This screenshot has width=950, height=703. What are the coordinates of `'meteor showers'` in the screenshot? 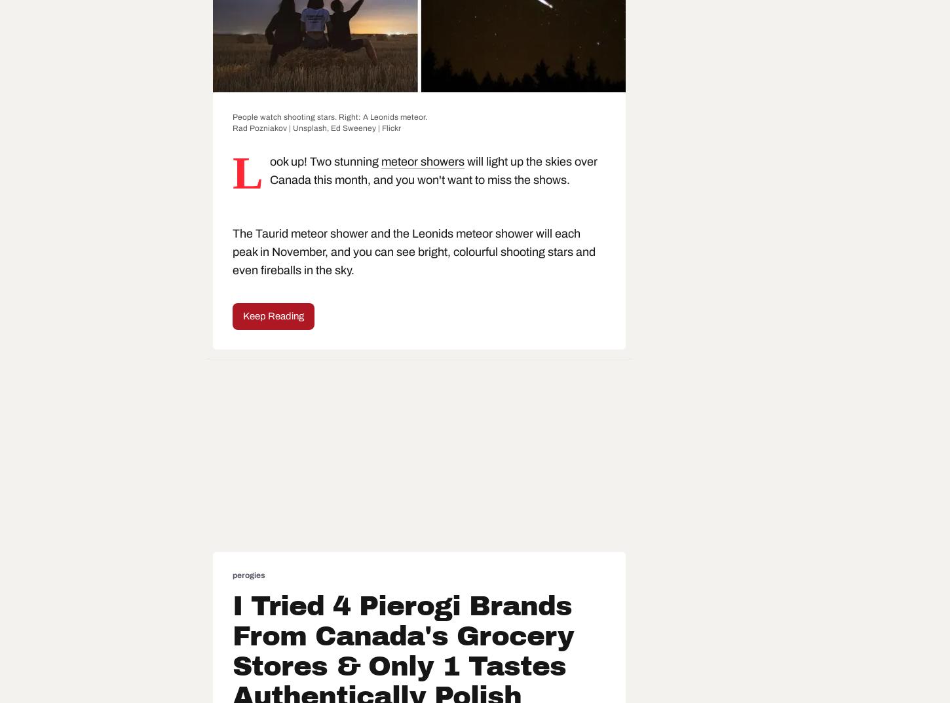 It's located at (381, 160).